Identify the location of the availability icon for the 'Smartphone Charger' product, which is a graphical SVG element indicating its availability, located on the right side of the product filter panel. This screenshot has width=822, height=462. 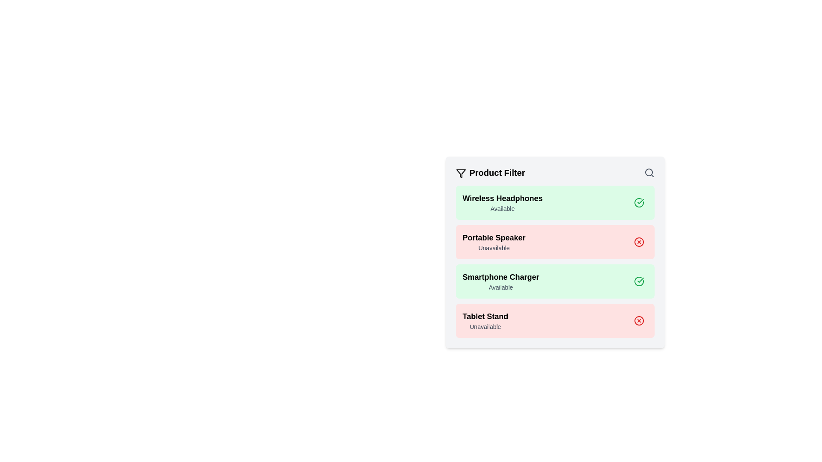
(639, 281).